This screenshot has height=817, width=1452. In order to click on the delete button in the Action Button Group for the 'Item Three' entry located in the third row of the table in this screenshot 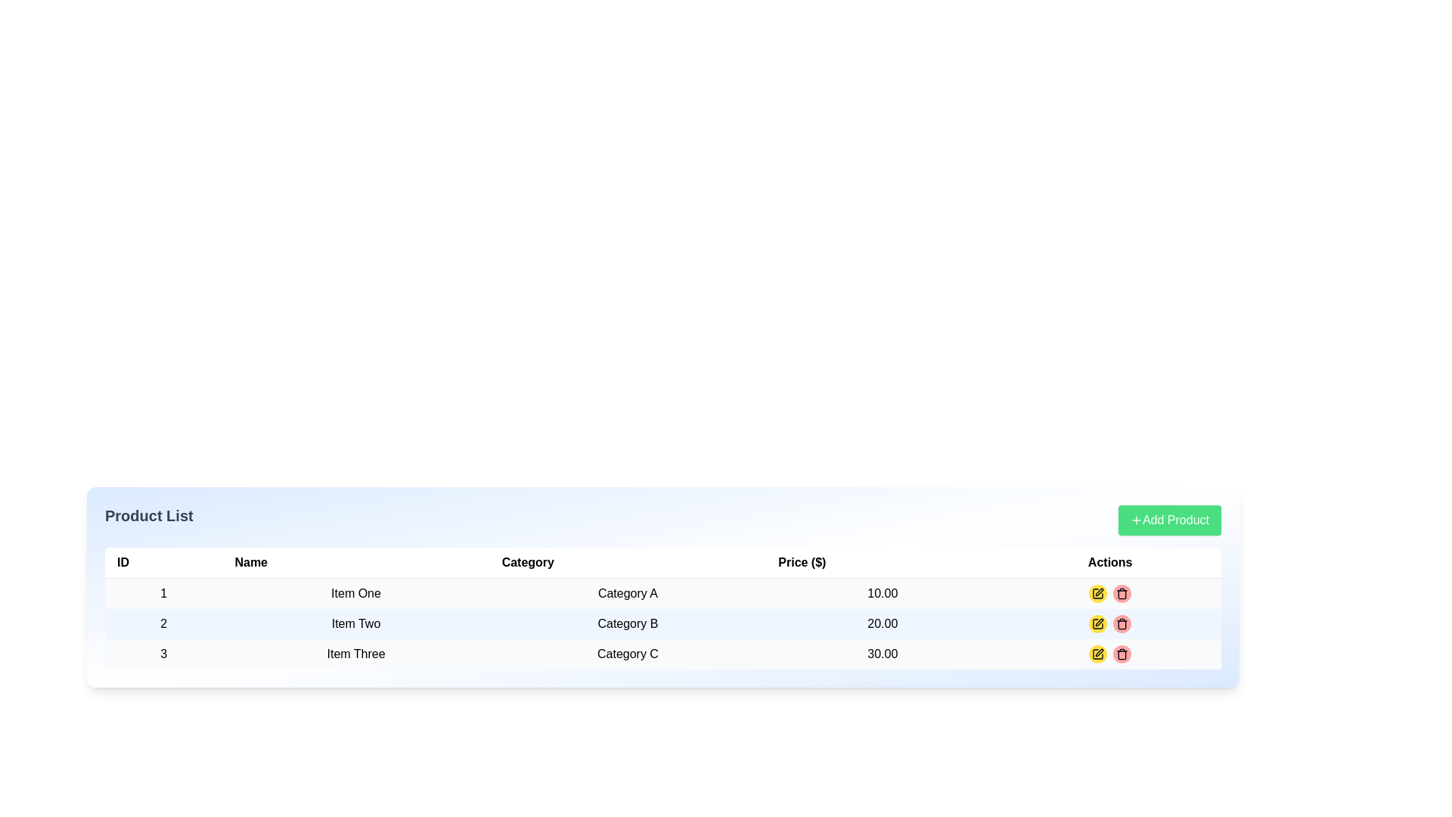, I will do `click(1110, 653)`.